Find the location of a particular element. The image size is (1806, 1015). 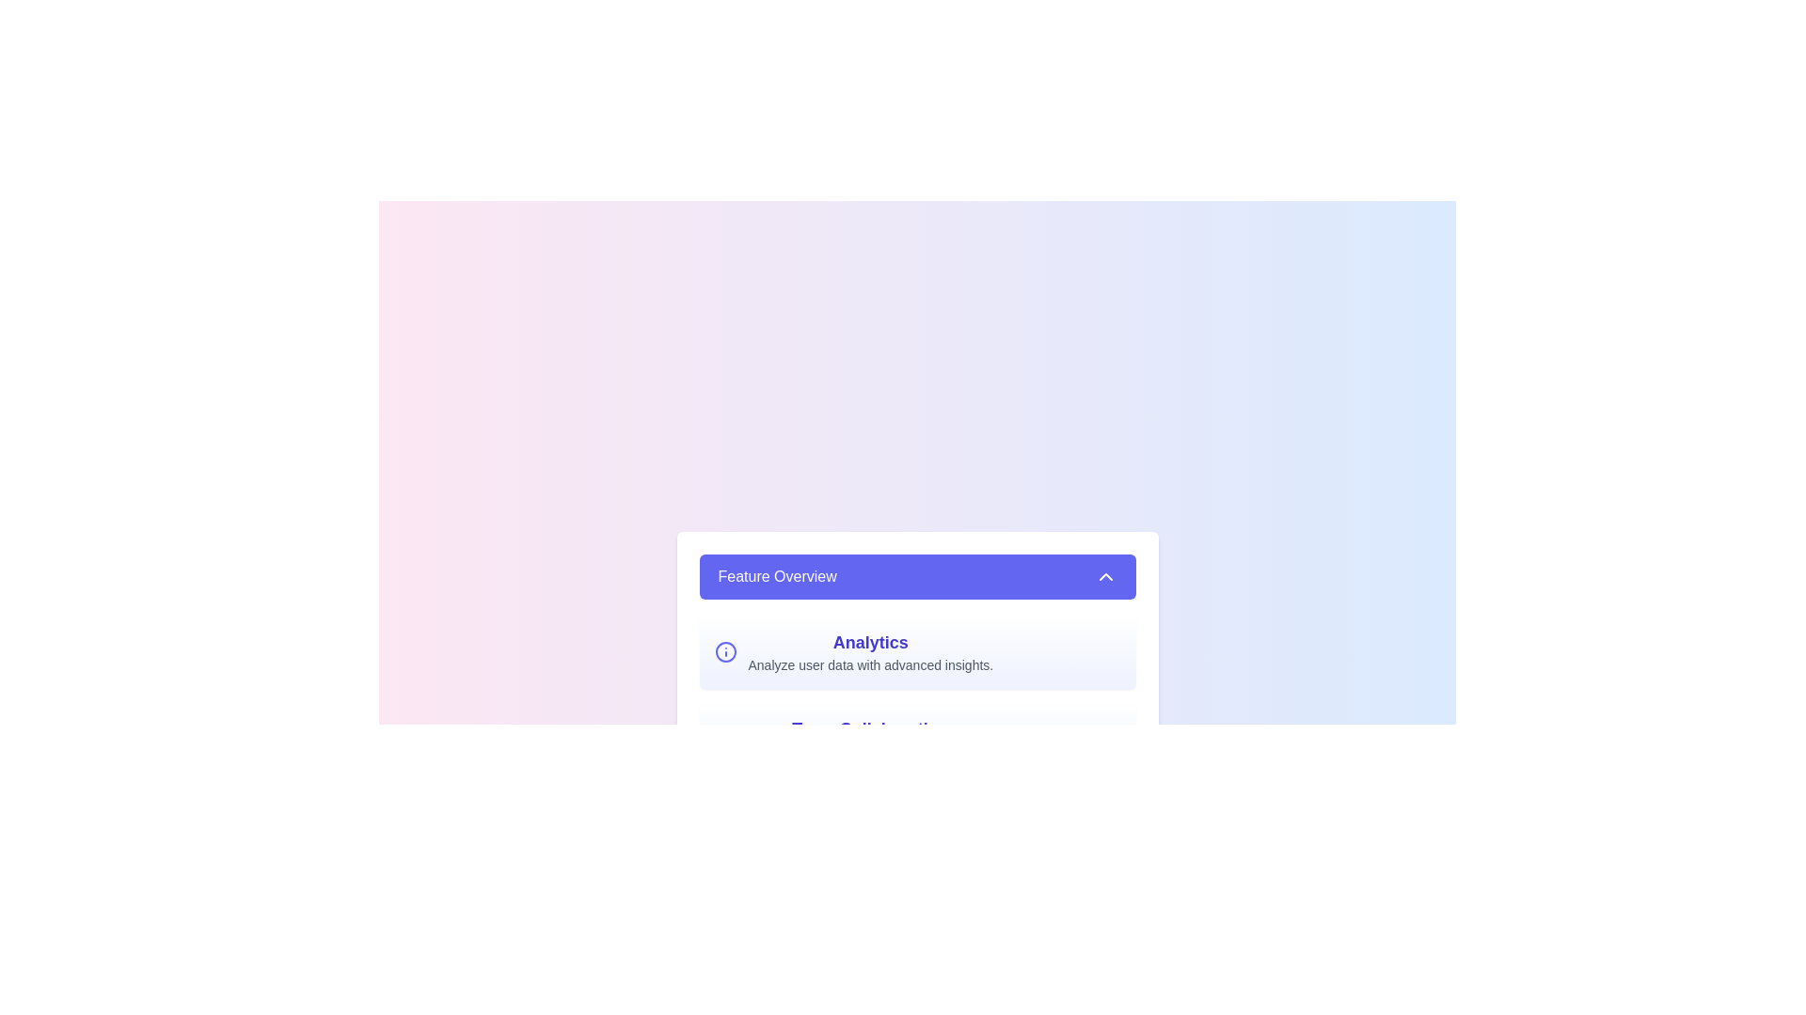

the upward-pointing chevron icon located on the right side of the 'Feature Overview' button is located at coordinates (1105, 575).